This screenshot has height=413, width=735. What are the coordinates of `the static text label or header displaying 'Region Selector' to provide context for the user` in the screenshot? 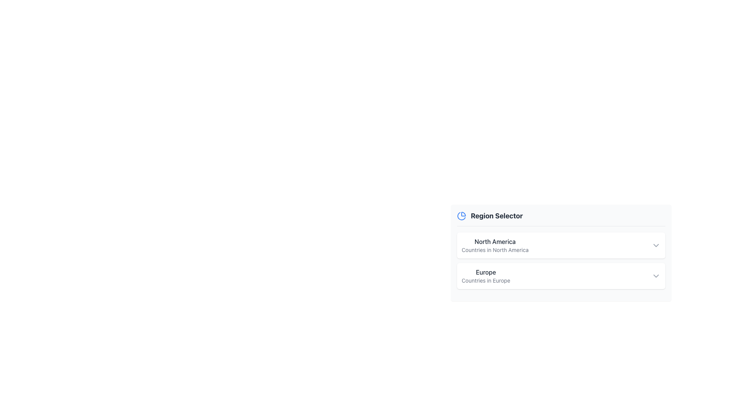 It's located at (497, 216).